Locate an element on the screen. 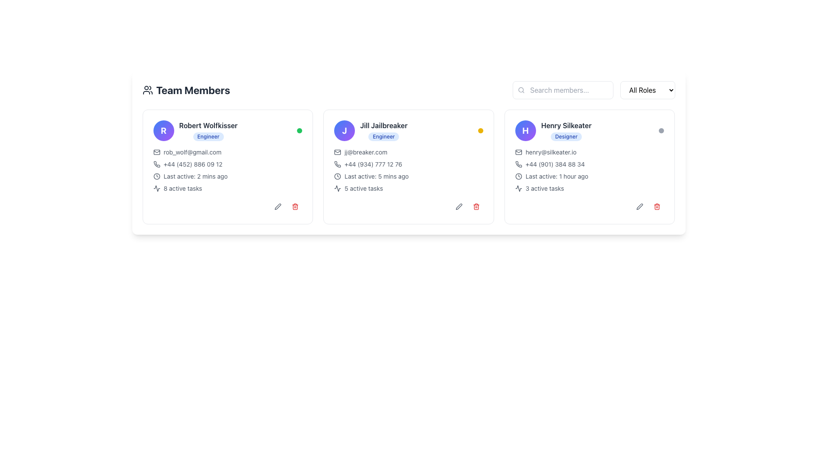 The height and width of the screenshot is (466, 830). the delete button icon located in the bottom-right corner of Robert Wolfkisser's card is located at coordinates (295, 206).